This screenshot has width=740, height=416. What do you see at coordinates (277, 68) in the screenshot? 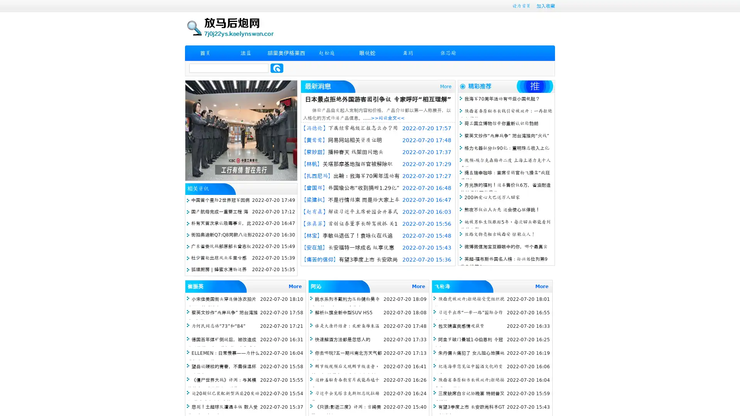
I see `Search` at bounding box center [277, 68].